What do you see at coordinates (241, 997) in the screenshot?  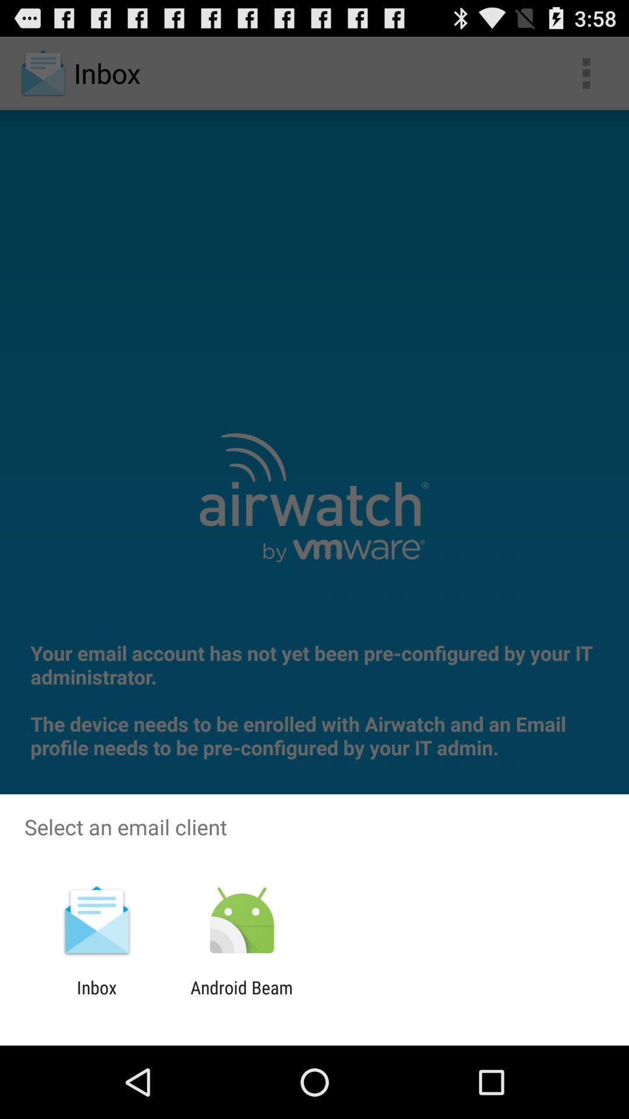 I see `icon next to inbox item` at bounding box center [241, 997].